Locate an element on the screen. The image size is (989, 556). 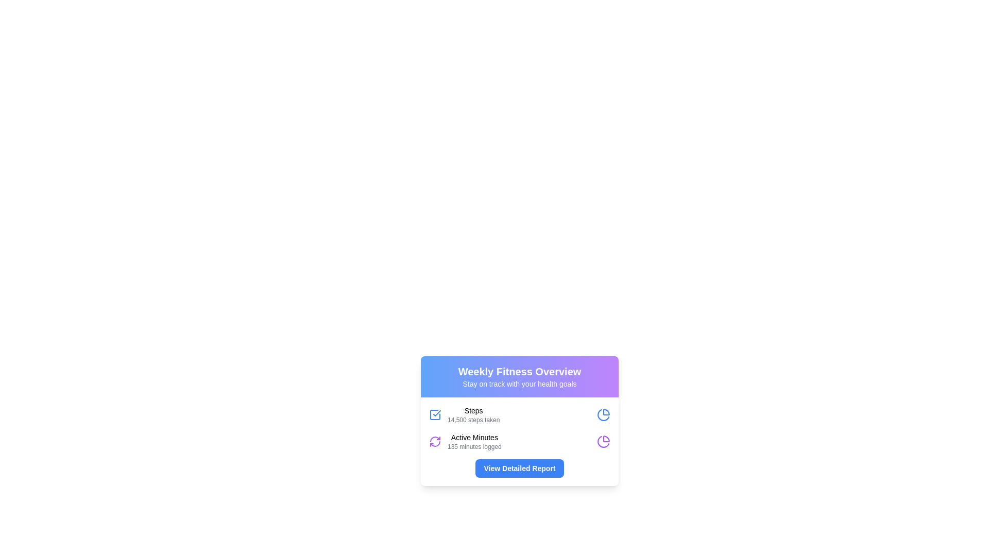
the blue pie chart icon located at the top-right corner of the 'Steps' section within the card displaying step and activity details is located at coordinates (603, 414).